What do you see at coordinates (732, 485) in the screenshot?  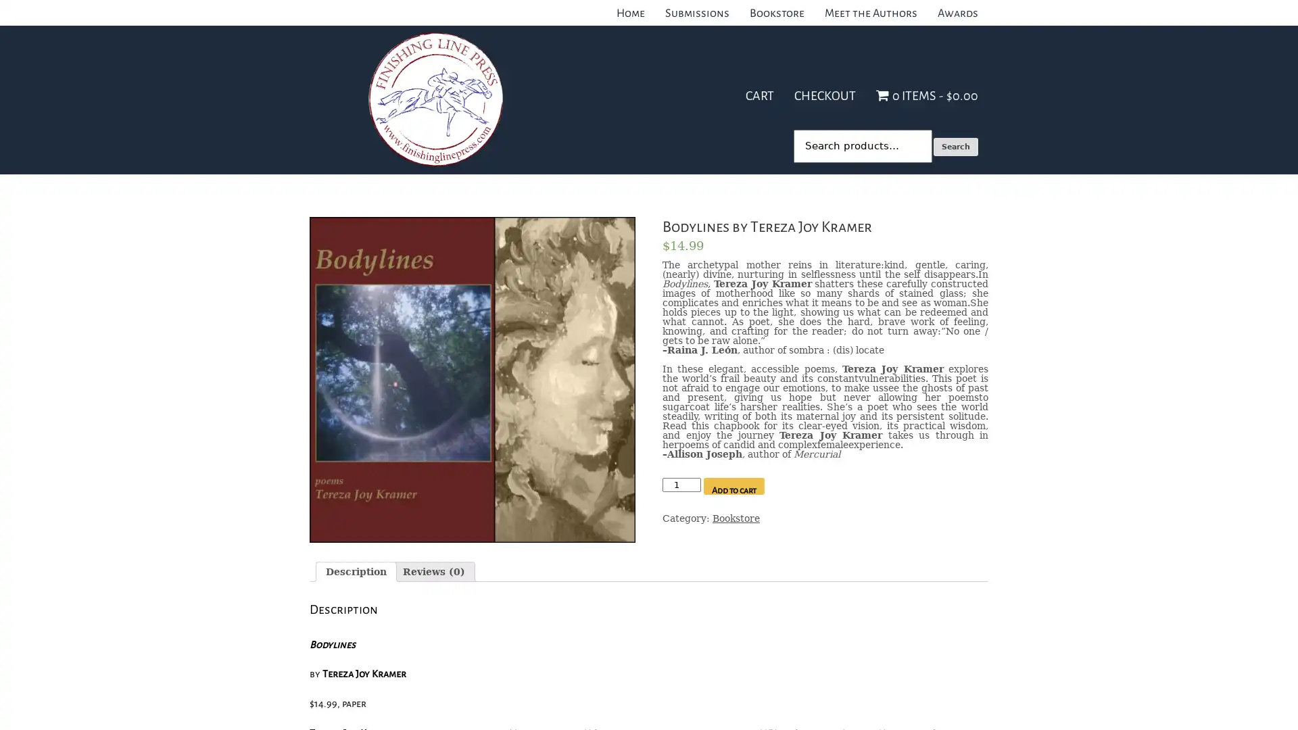 I see `Add to cart` at bounding box center [732, 485].